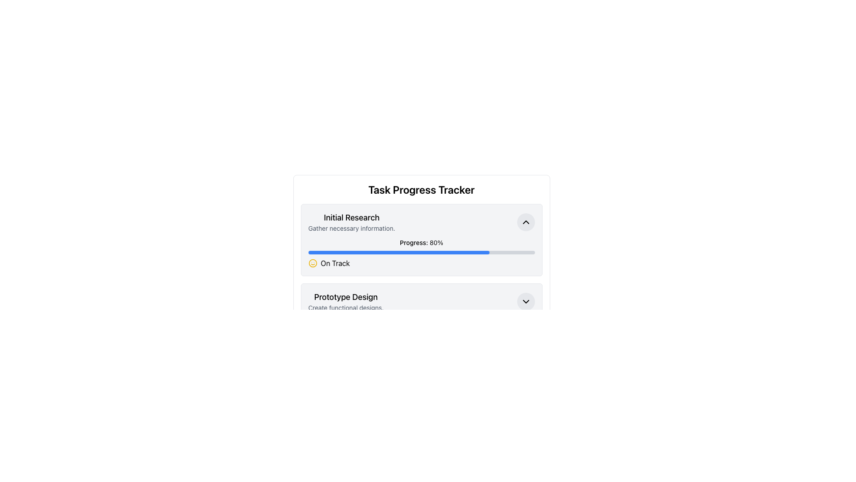 This screenshot has height=482, width=856. Describe the element at coordinates (421, 253) in the screenshot. I see `the progress bar indicating the task completion status within the 'Initial Research' card, which displays the text 'On Track'` at that location.